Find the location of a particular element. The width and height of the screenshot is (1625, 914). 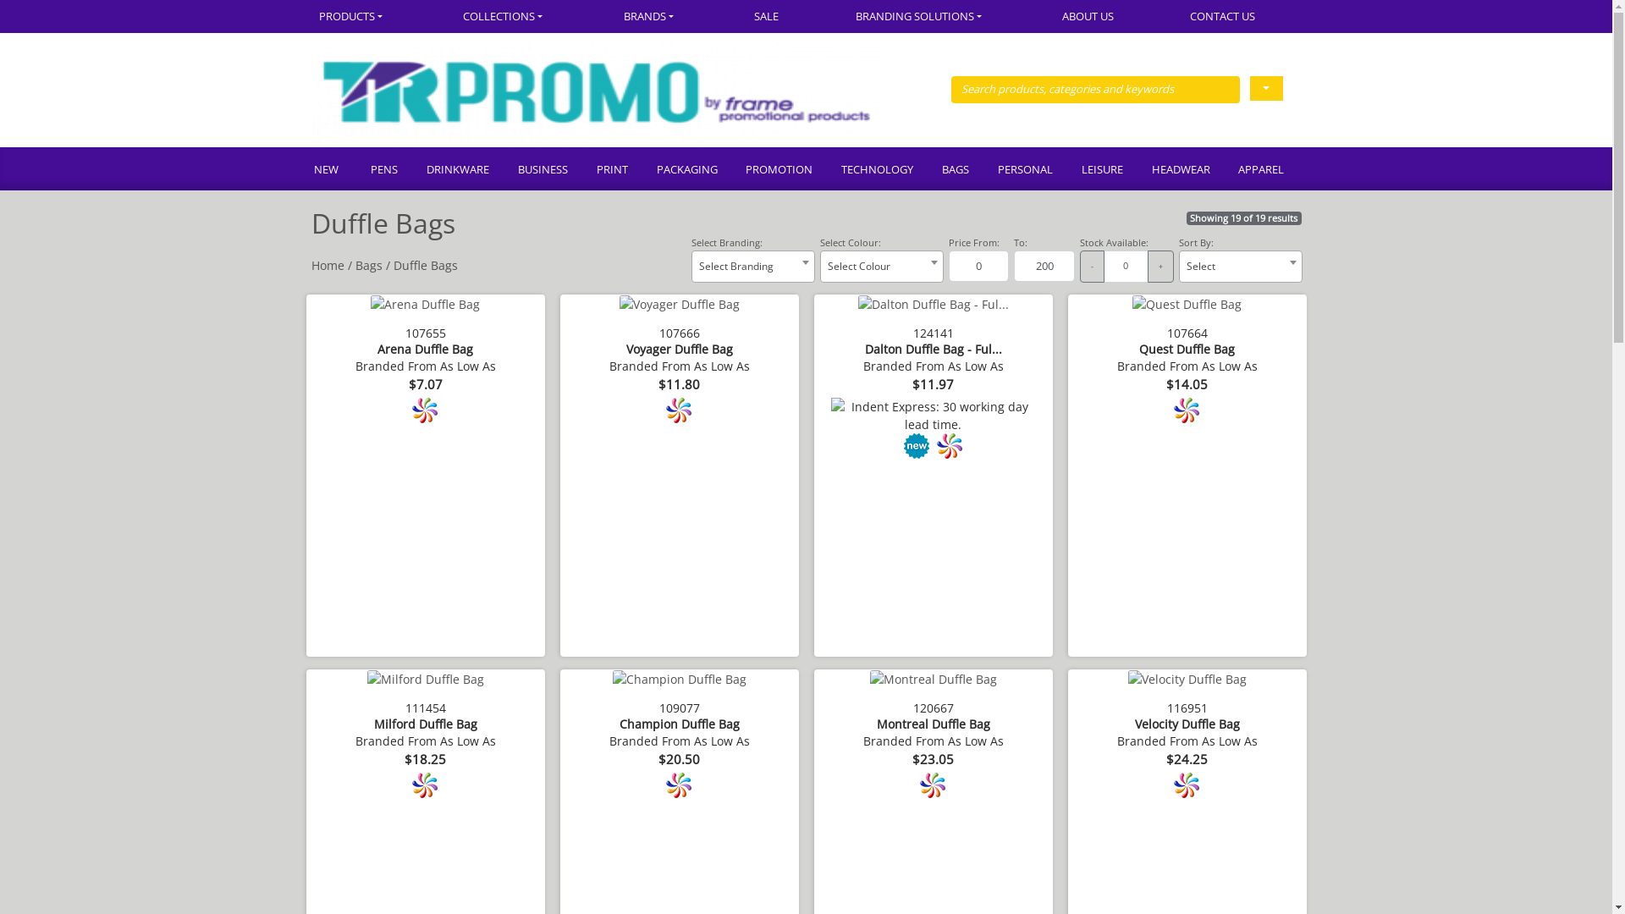

'ABOUT US' is located at coordinates (1023, 16).